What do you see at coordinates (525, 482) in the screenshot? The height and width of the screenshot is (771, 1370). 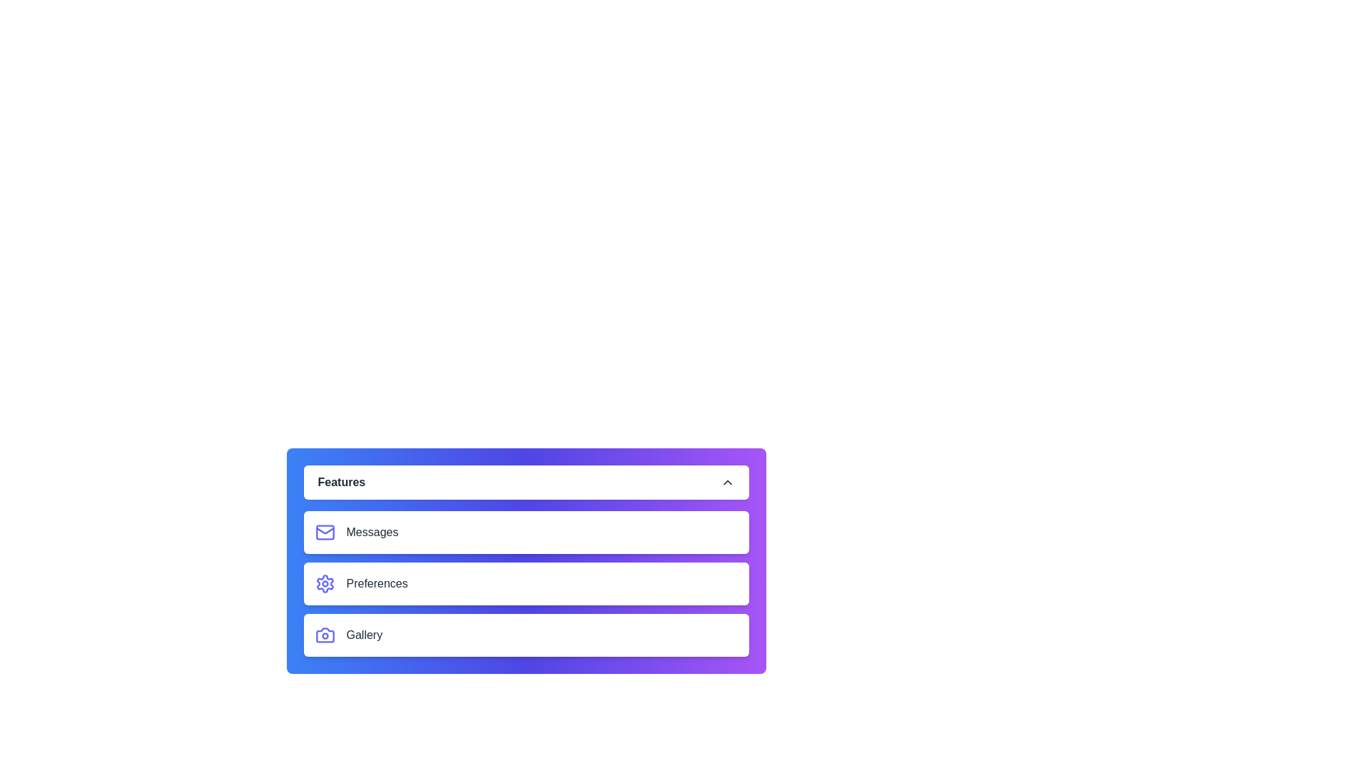 I see `the 'Features' button to toggle the menu visibility` at bounding box center [525, 482].